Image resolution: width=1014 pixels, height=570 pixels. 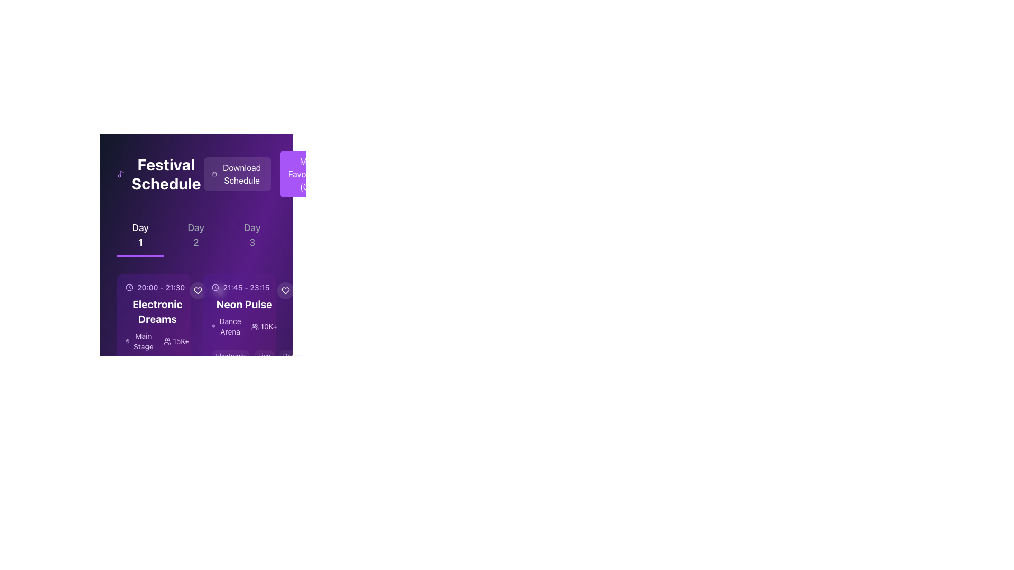 I want to click on the musical theme icon located to the immediate left of the 'Festival Schedule' text in the header section, so click(x=120, y=174).